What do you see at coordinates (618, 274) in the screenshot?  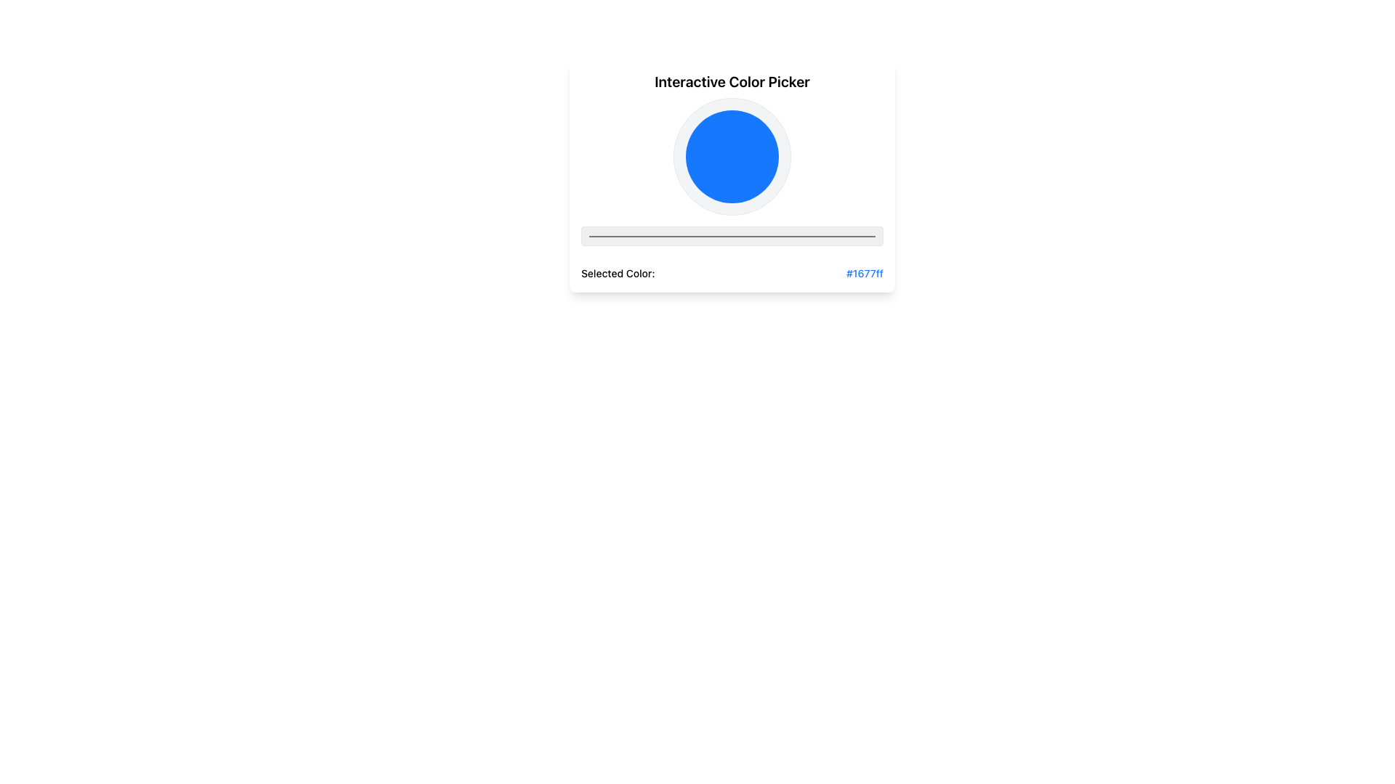 I see `the informational text label that describes the selected color's value, positioned to the left of the color display in the horizontal layout below the color picker` at bounding box center [618, 274].